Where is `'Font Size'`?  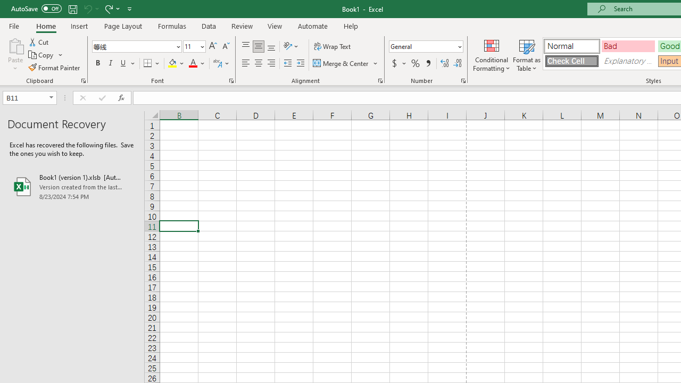
'Font Size' is located at coordinates (194, 46).